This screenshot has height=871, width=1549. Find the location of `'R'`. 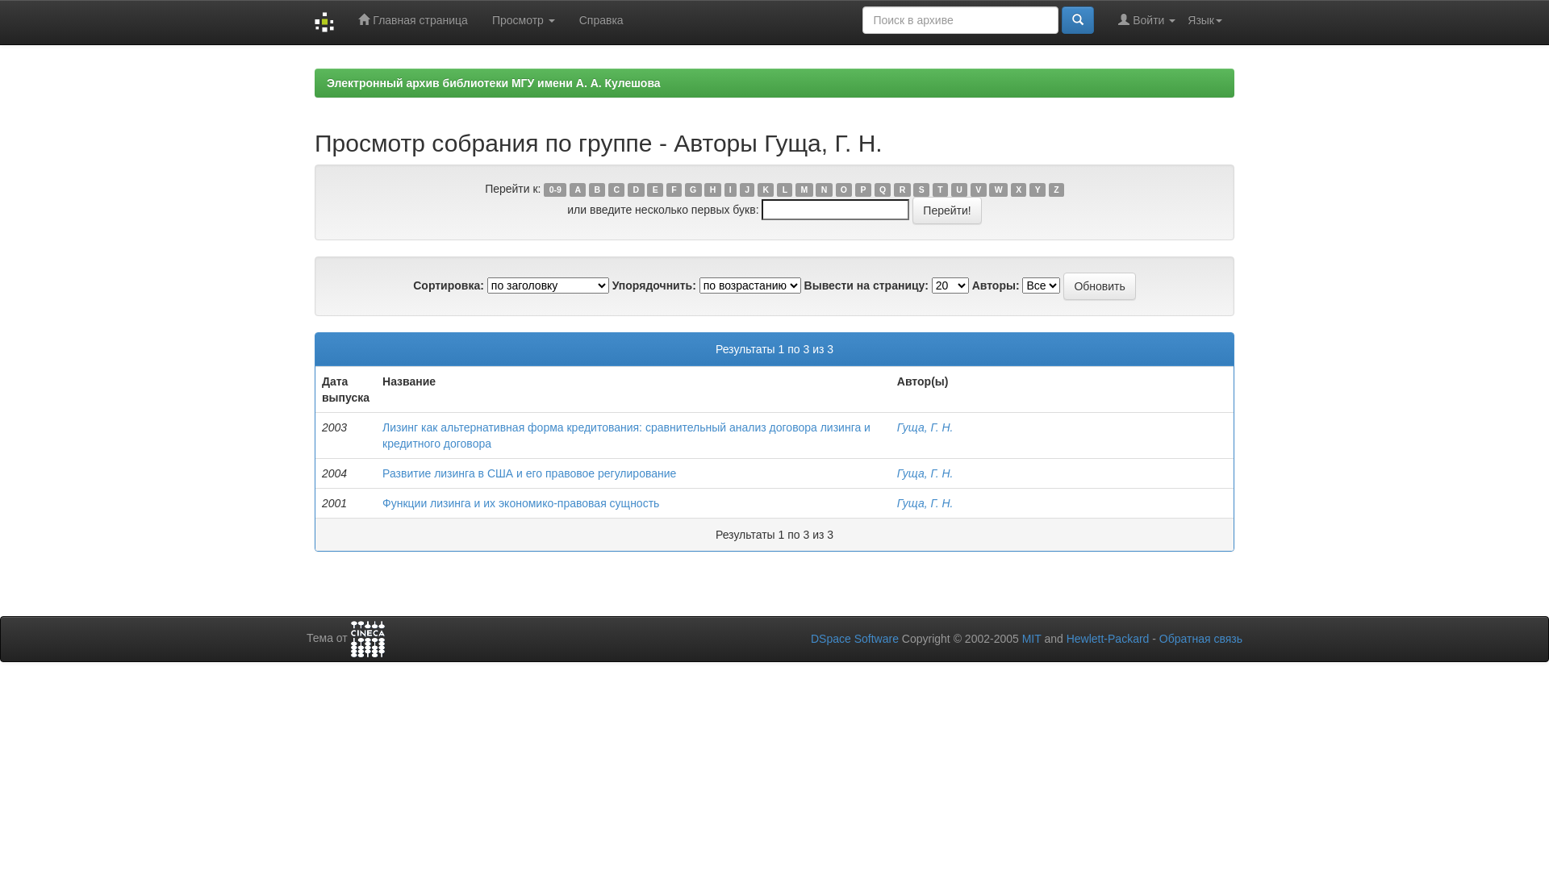

'R' is located at coordinates (893, 189).